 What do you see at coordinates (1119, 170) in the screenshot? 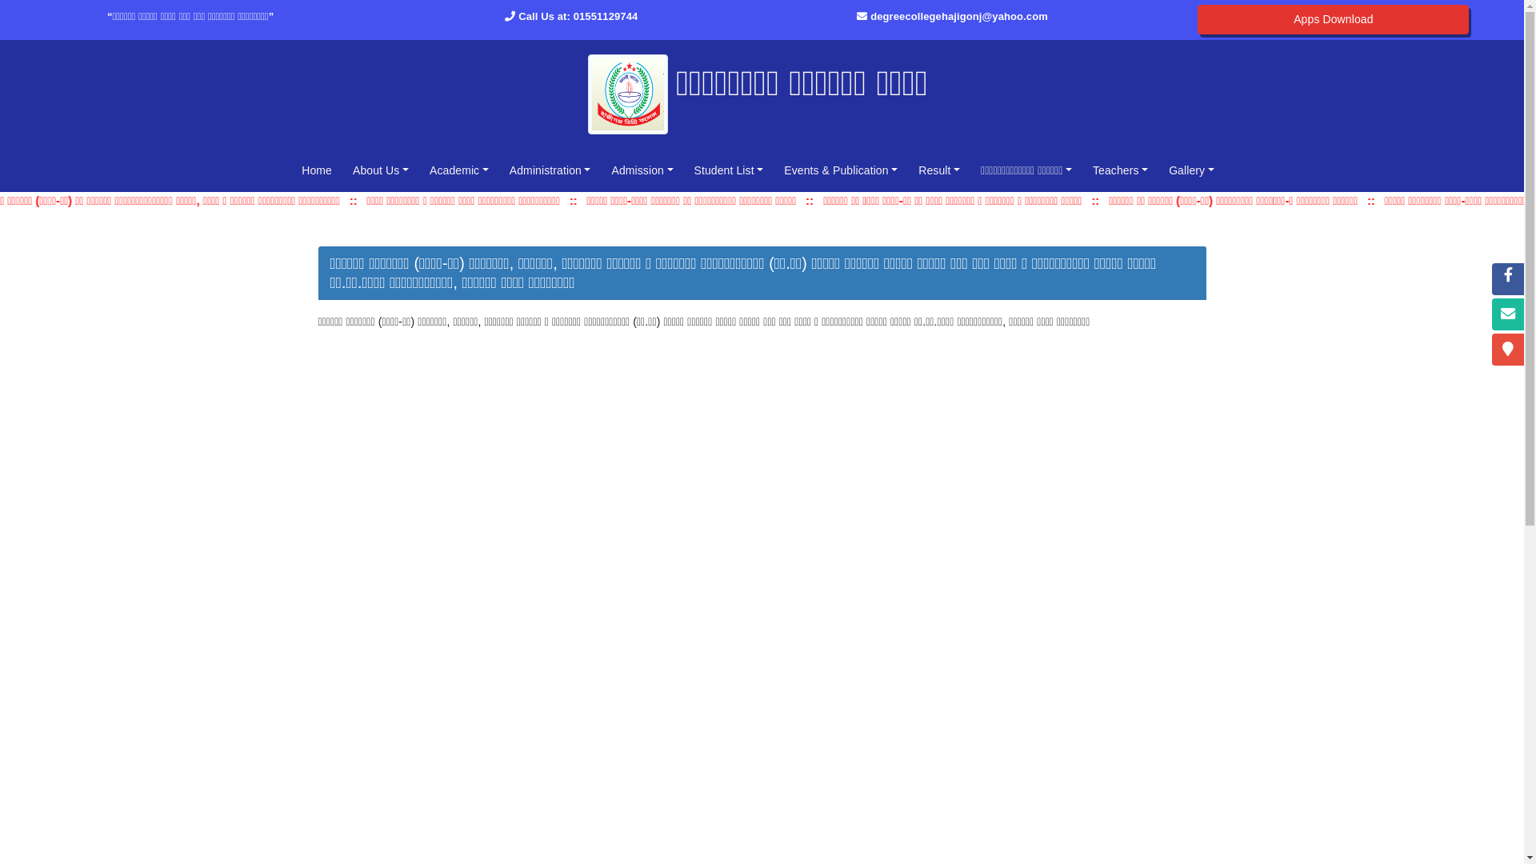
I see `'Teachers'` at bounding box center [1119, 170].